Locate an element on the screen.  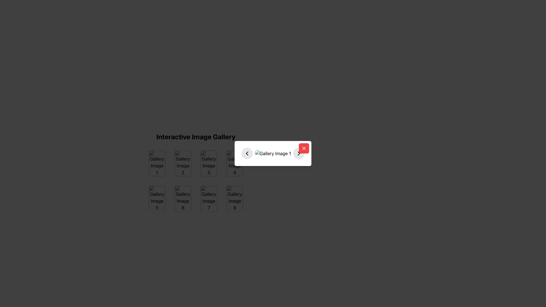
the eighth image thumbnail in the gallery layout to change its border color is located at coordinates (235, 198).